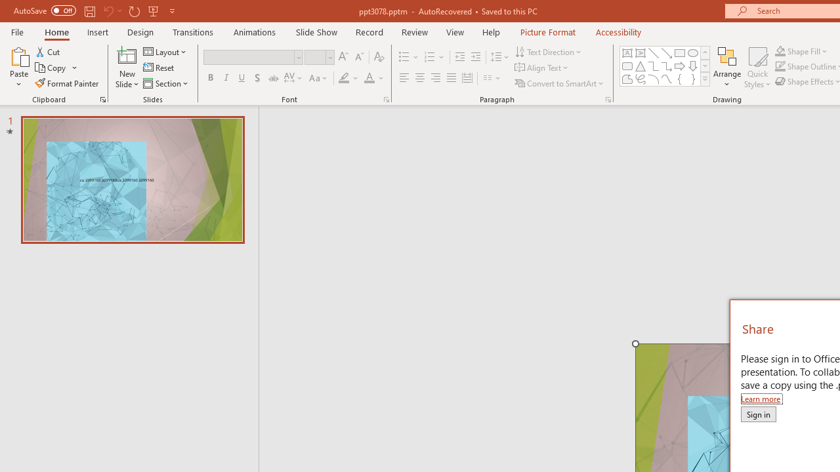  I want to click on 'Align Right', so click(435, 78).